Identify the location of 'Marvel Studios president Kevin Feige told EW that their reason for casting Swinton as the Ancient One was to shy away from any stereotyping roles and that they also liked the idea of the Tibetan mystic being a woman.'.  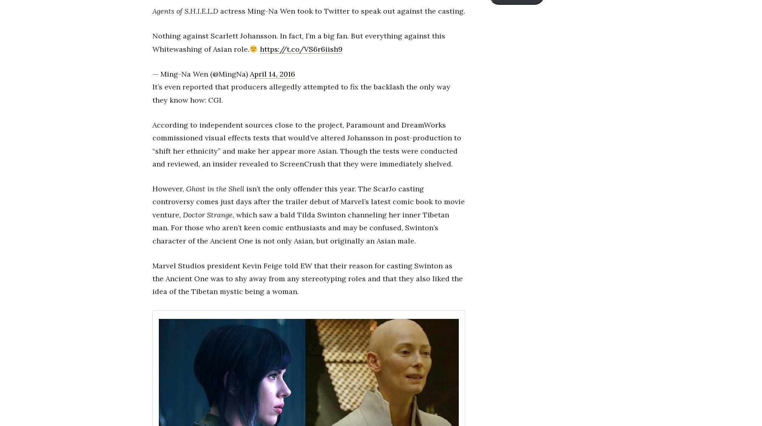
(152, 278).